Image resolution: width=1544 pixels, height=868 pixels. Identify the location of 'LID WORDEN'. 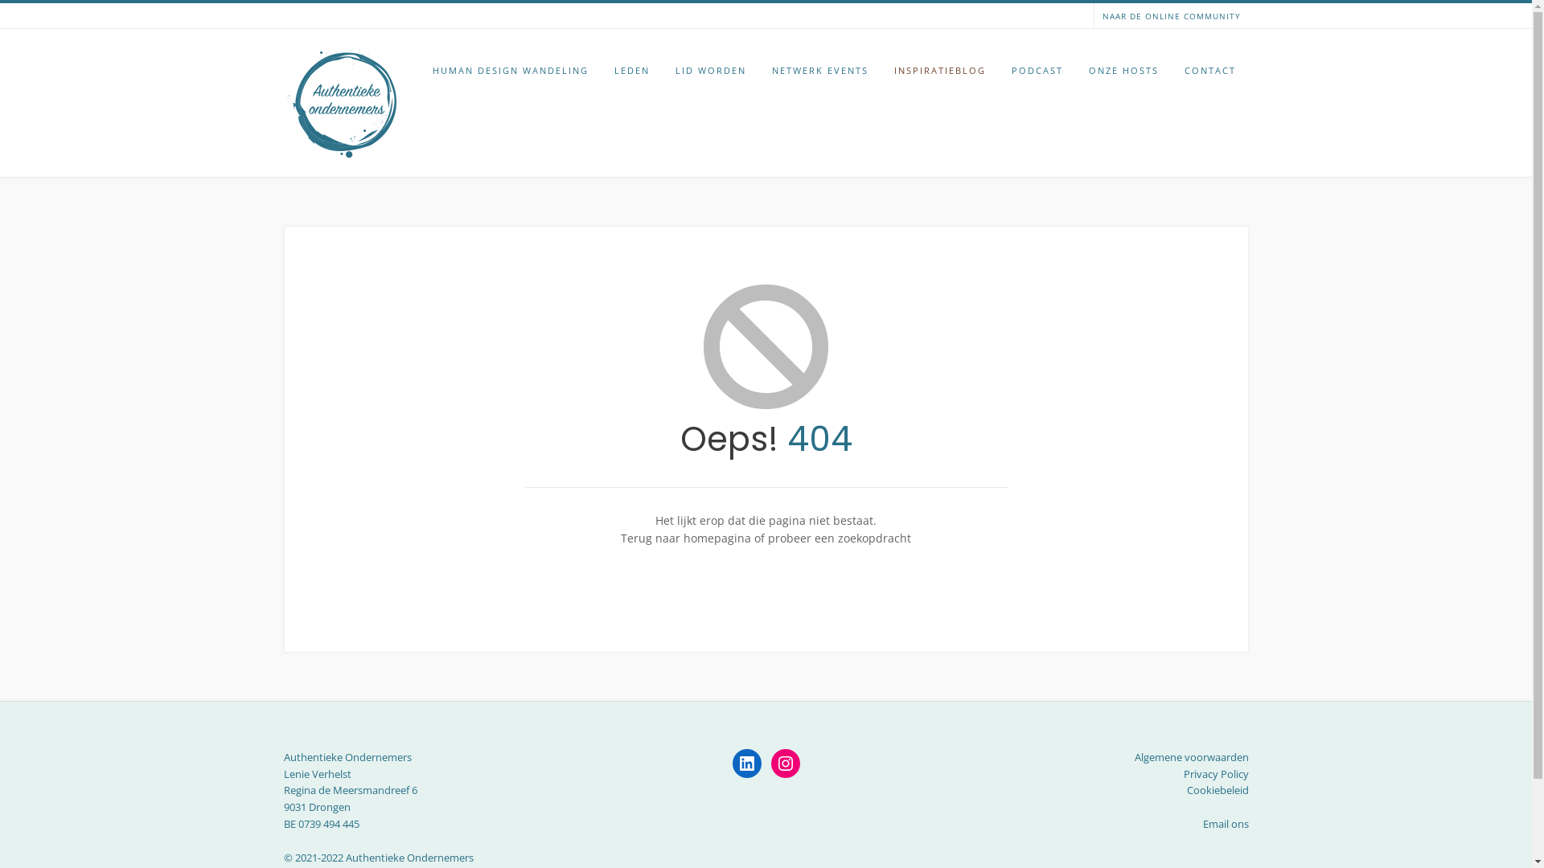
(709, 70).